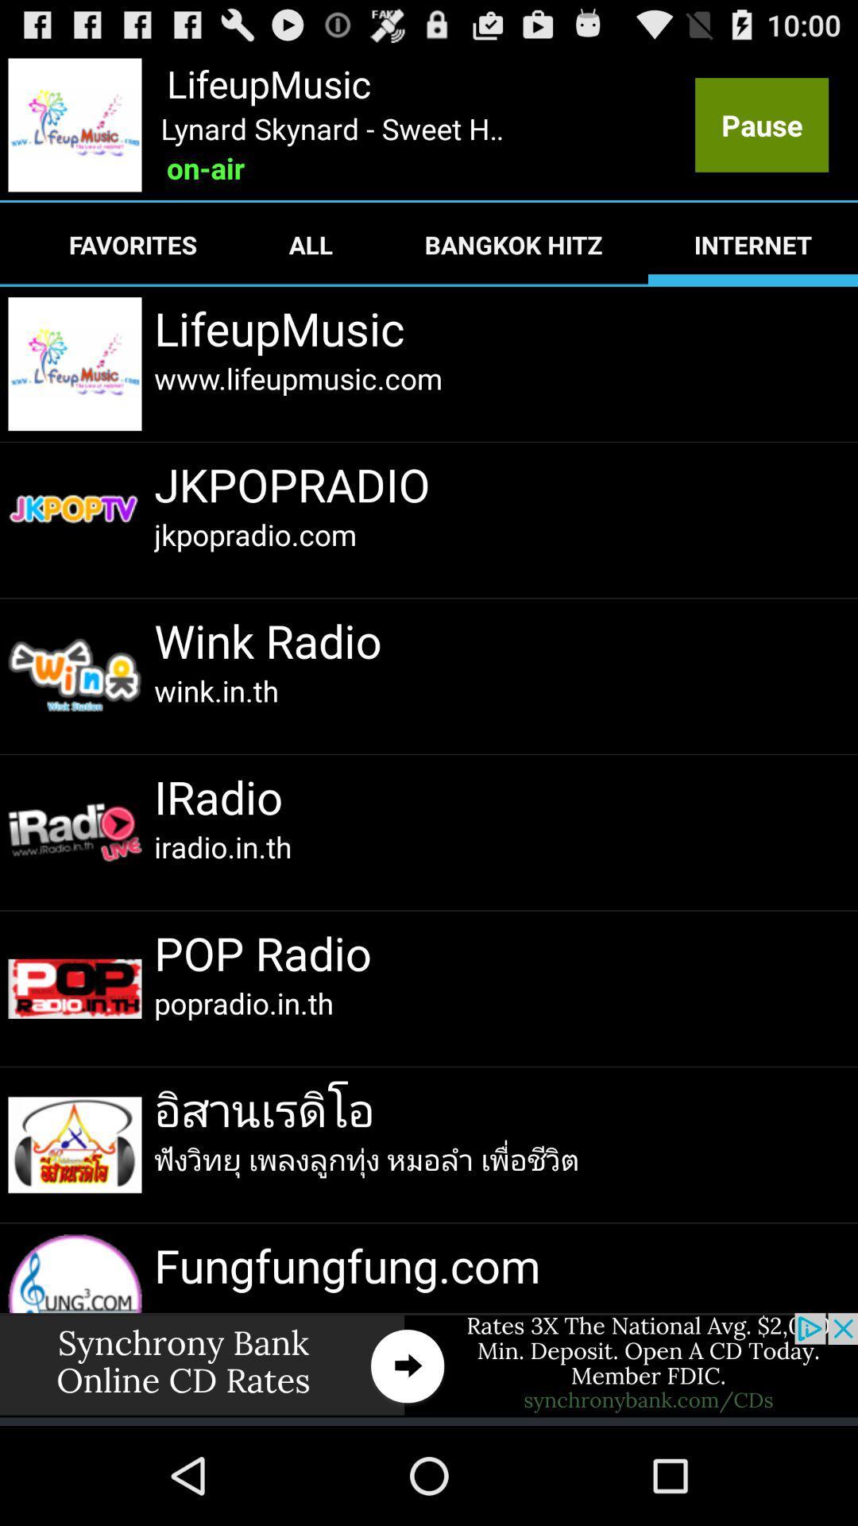  What do you see at coordinates (429, 1364) in the screenshot?
I see `open advertisement` at bounding box center [429, 1364].